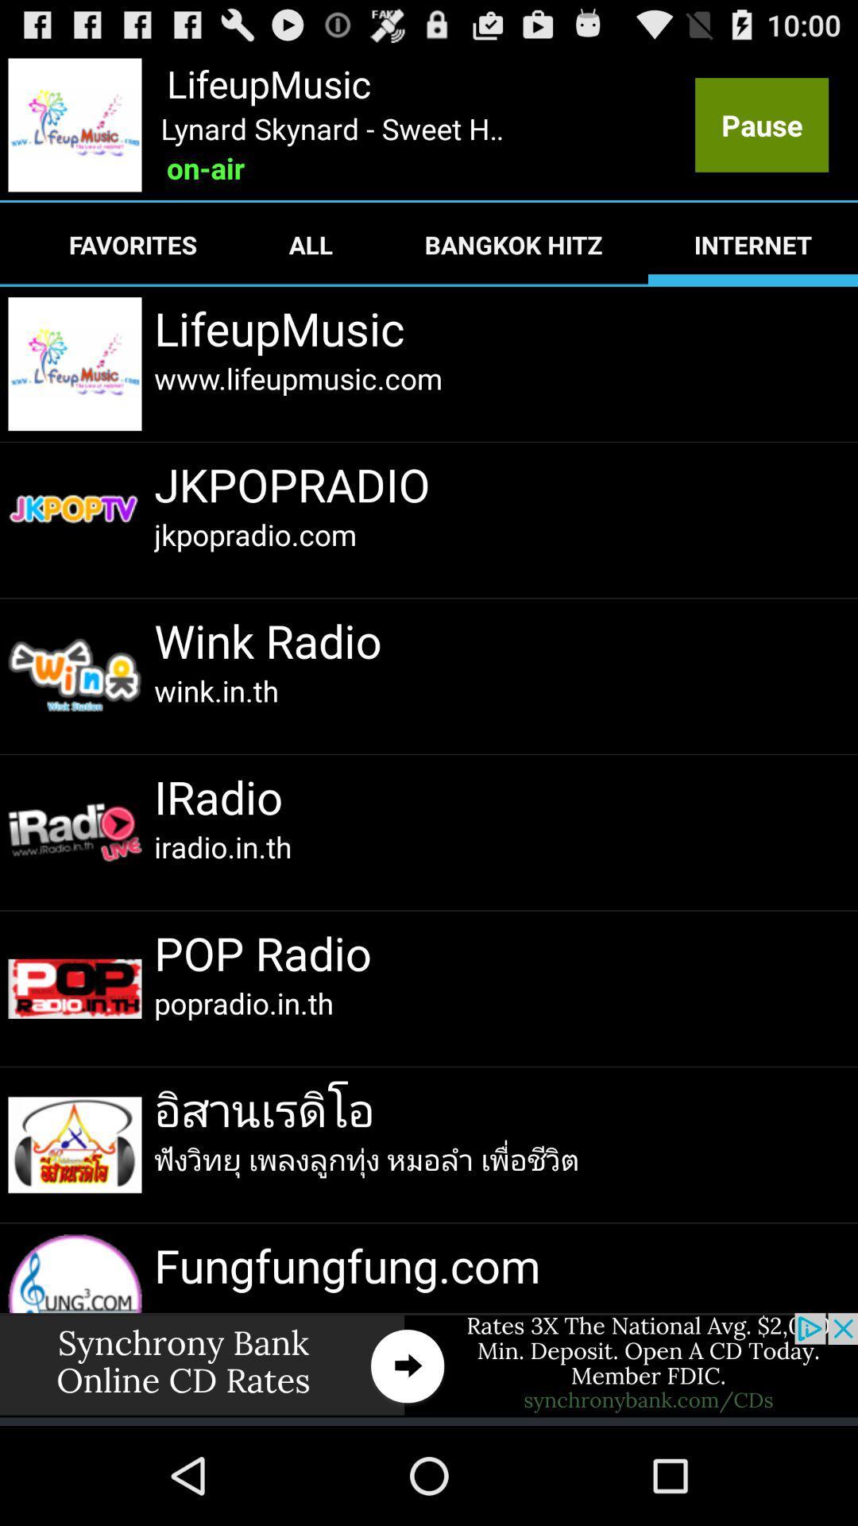  What do you see at coordinates (429, 1364) in the screenshot?
I see `open advertisement` at bounding box center [429, 1364].